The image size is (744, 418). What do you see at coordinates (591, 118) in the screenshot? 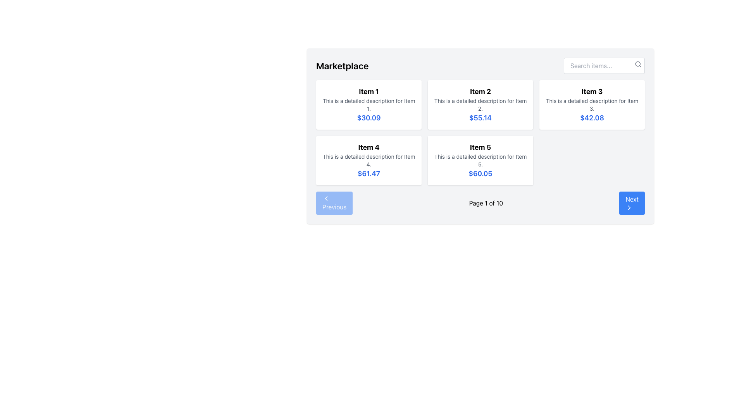
I see `the price text label displaying '$42.08' in blue color, which is located below the title 'Item 3' and its description` at bounding box center [591, 118].